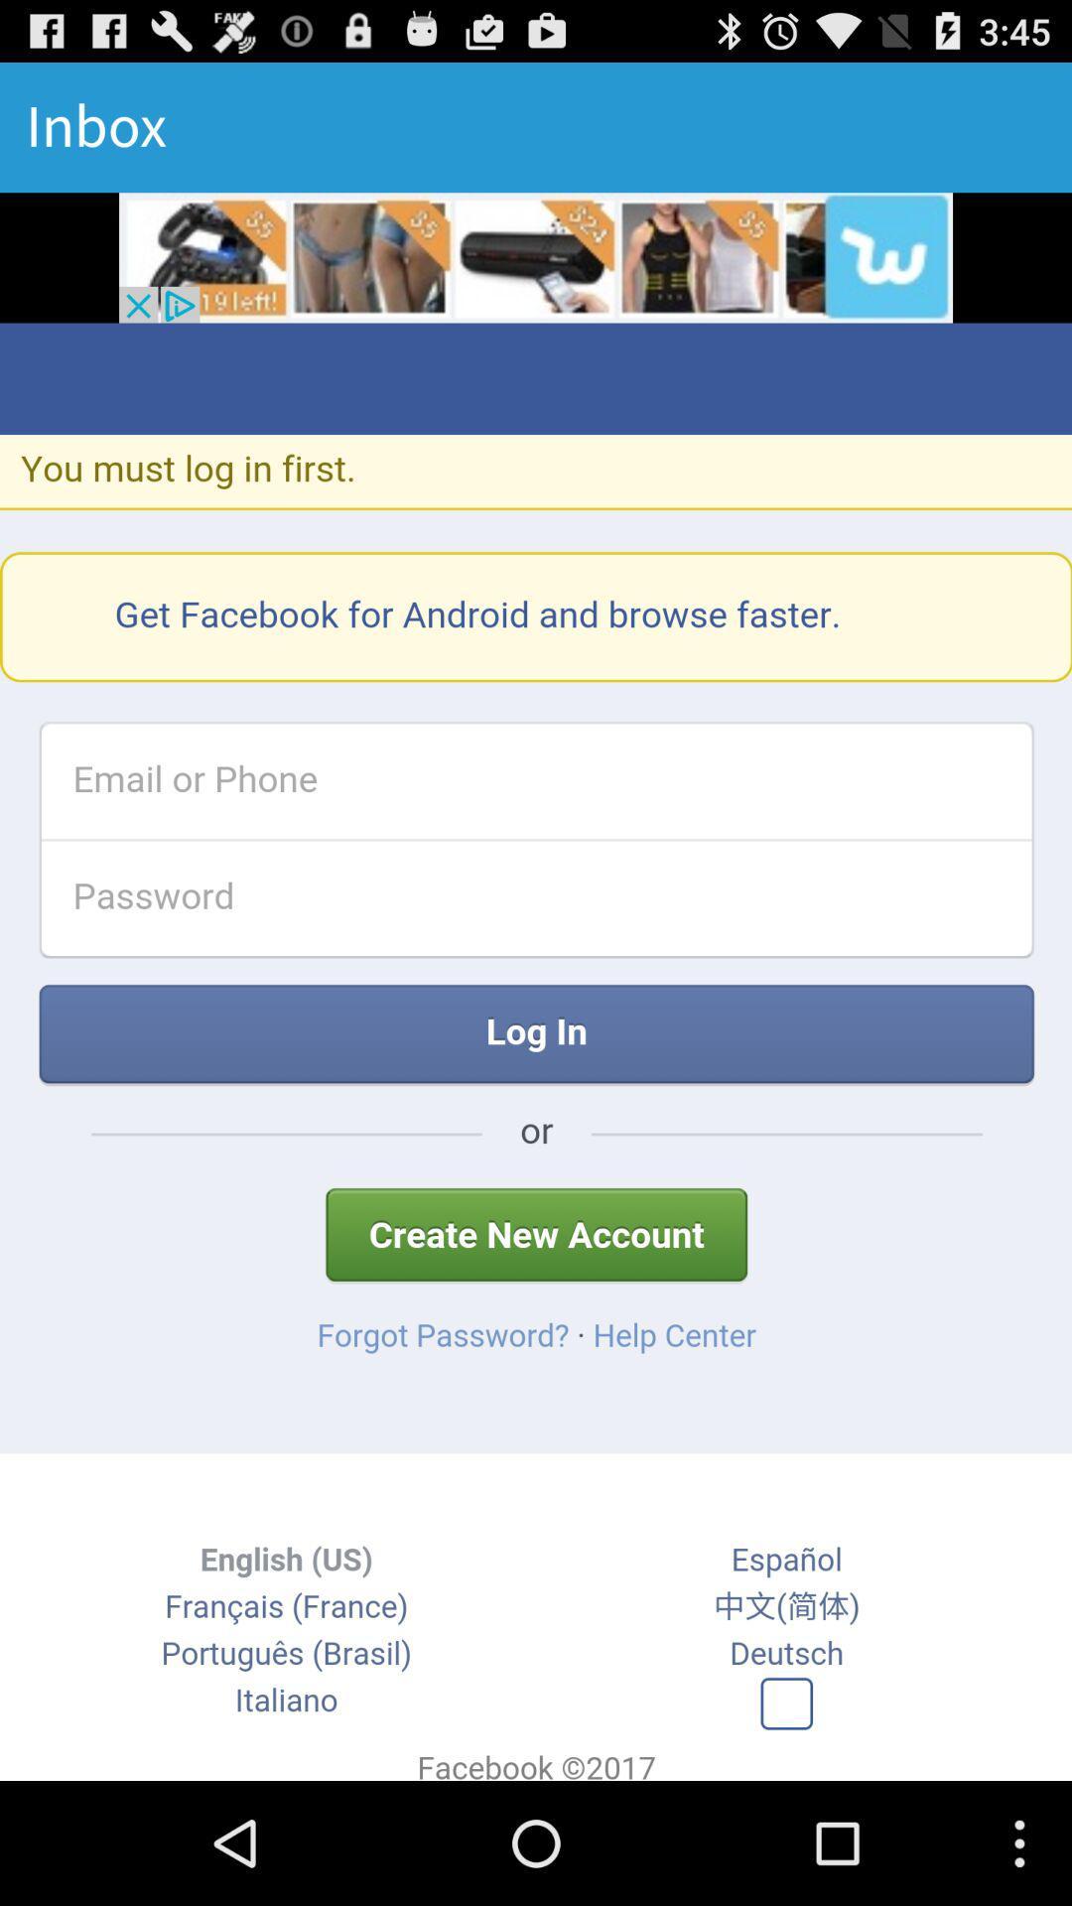  Describe the element at coordinates (536, 256) in the screenshot. I see `advertisement website` at that location.